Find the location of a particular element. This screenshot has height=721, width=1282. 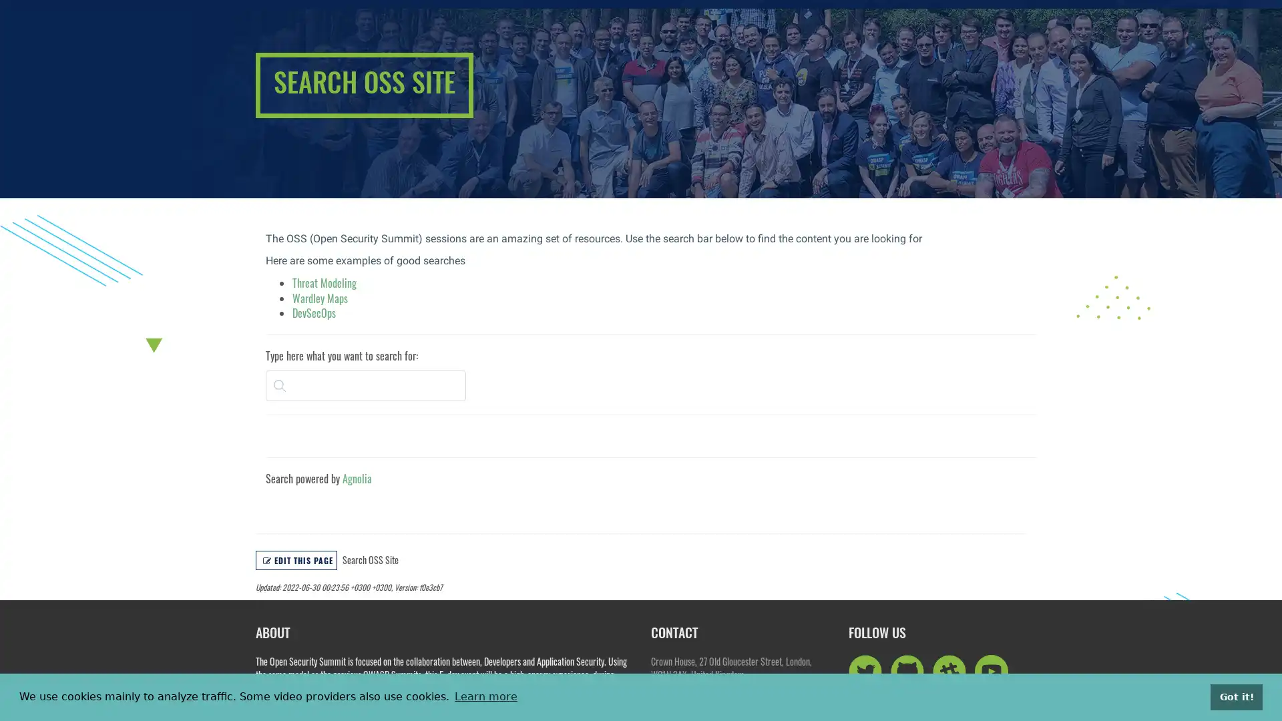

learn more about cookies is located at coordinates (485, 696).